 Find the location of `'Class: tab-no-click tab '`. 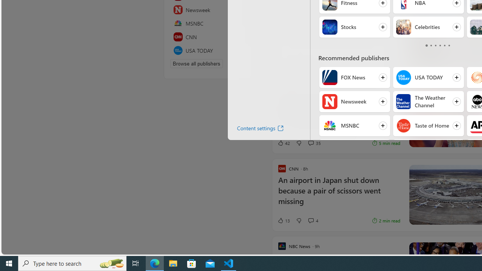

'Class: tab-no-click tab ' is located at coordinates (449, 45).